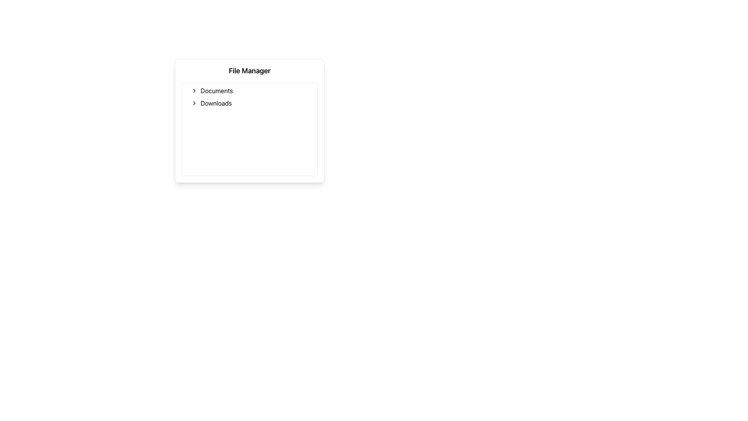 This screenshot has height=421, width=748. What do you see at coordinates (216, 103) in the screenshot?
I see `the 'Downloads' text label` at bounding box center [216, 103].